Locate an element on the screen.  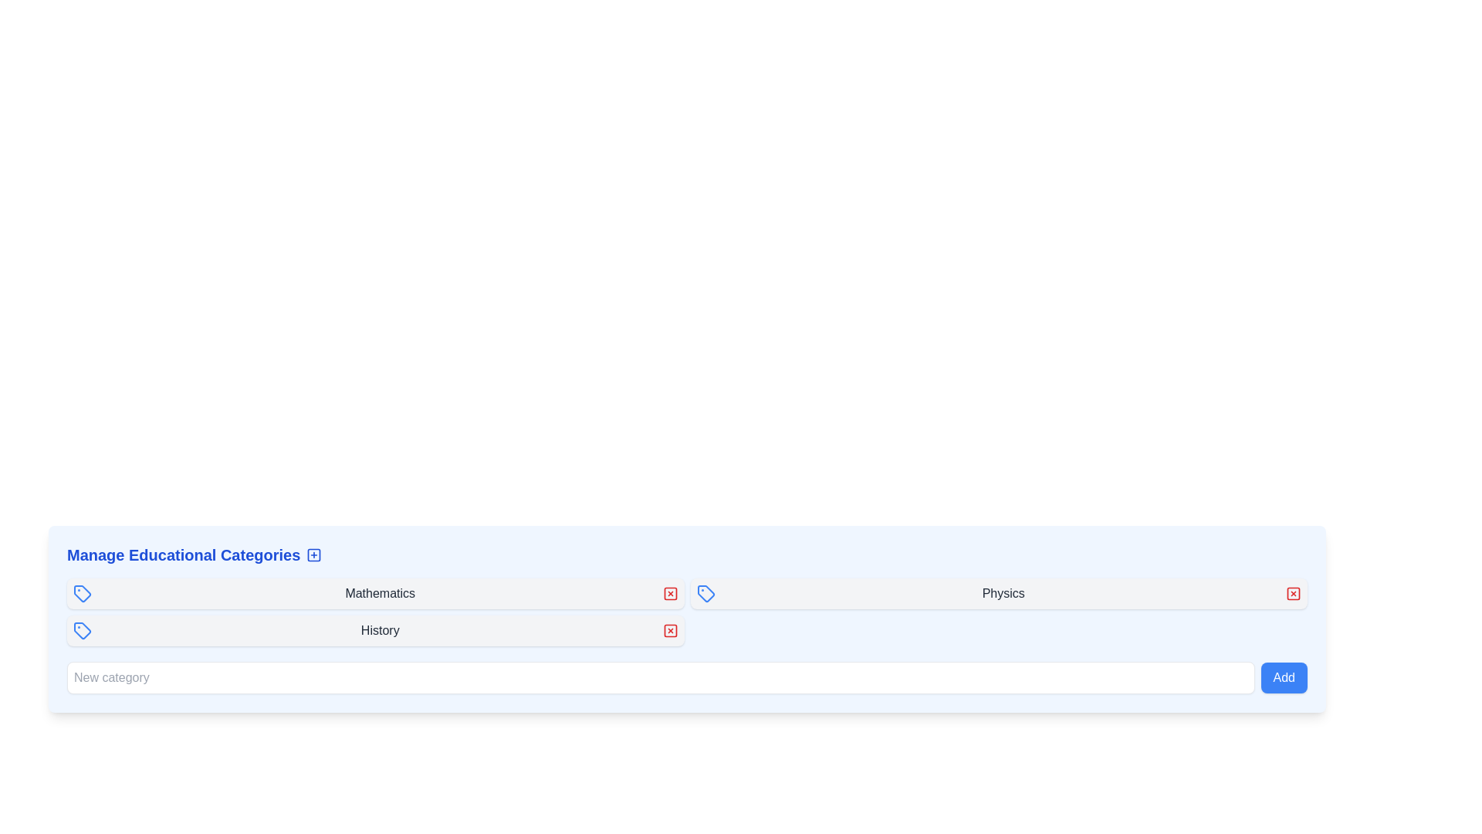
the 'Mathematics' category item in the 'Manage Educational Categories' section for keyboard-based interactions is located at coordinates (375, 592).